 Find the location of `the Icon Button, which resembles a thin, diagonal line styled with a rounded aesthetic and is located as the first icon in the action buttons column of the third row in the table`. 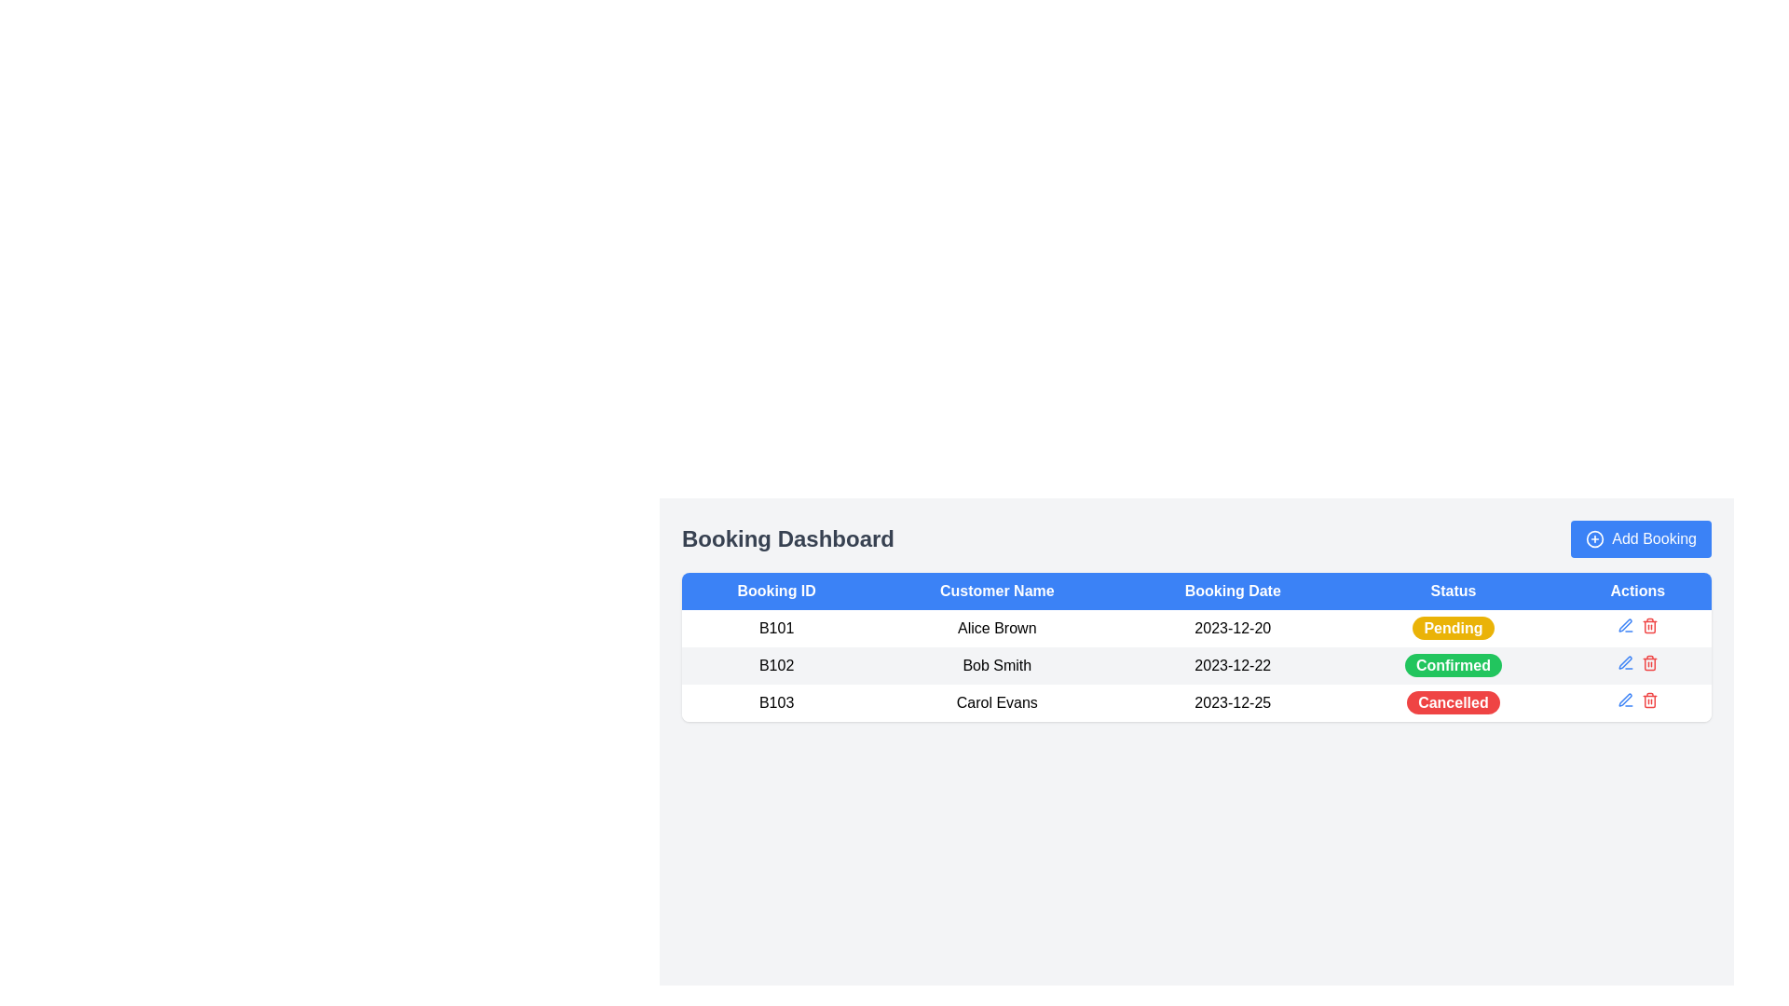

the Icon Button, which resembles a thin, diagonal line styled with a rounded aesthetic and is located as the first icon in the action buttons column of the third row in the table is located at coordinates (1624, 700).